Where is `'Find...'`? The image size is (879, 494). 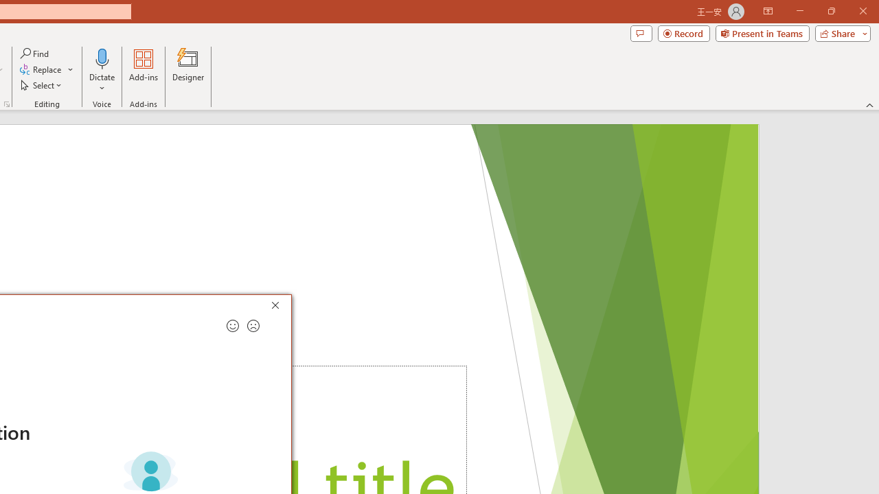 'Find...' is located at coordinates (35, 53).